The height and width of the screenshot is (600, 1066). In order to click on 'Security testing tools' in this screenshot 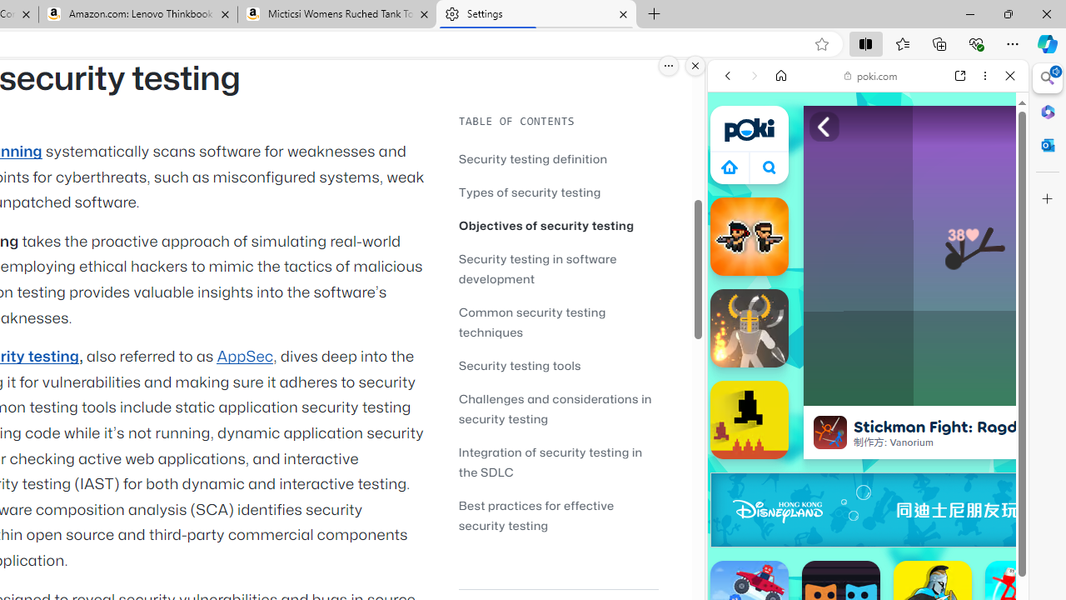, I will do `click(558, 364)`.